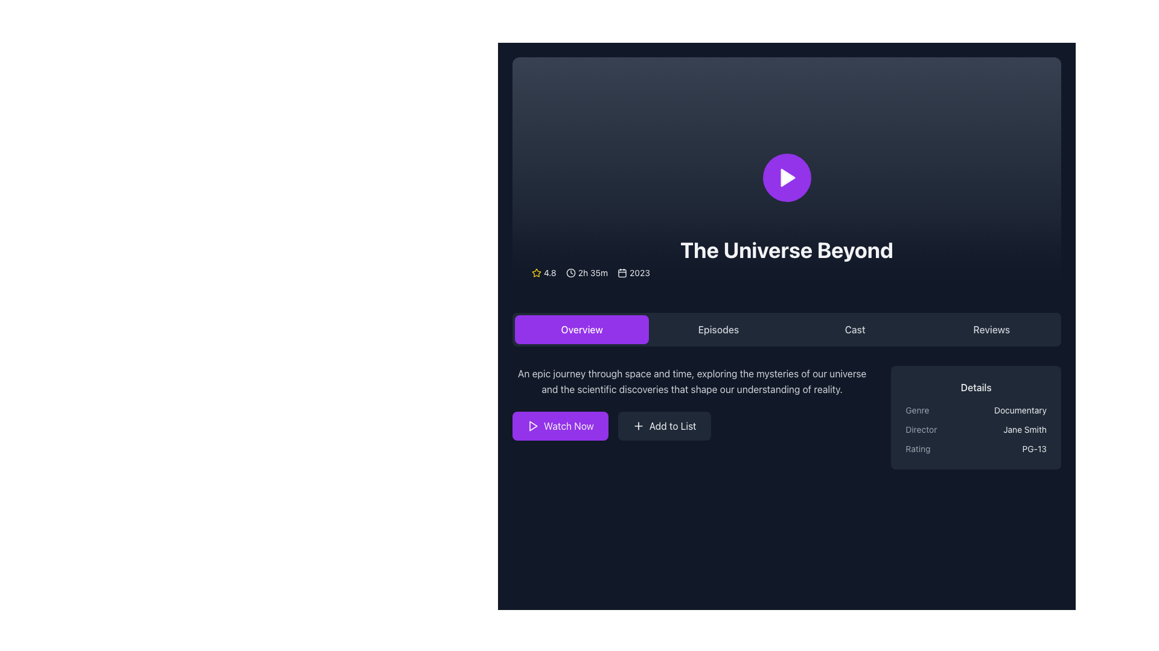 The image size is (1159, 651). What do you see at coordinates (570, 272) in the screenshot?
I see `the circular clock-like icon located between the star rating and the year indicator` at bounding box center [570, 272].